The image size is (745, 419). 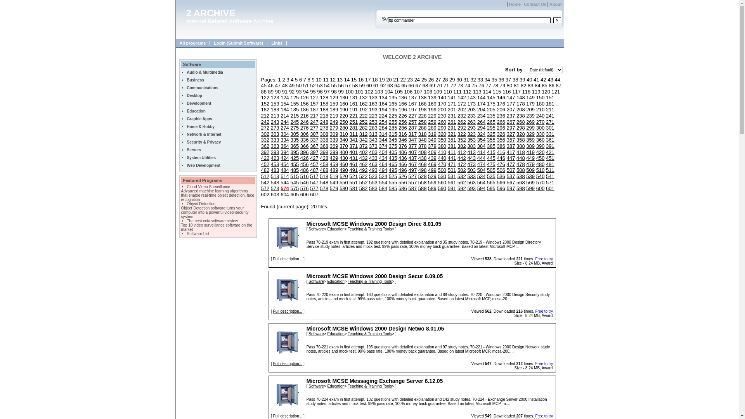 What do you see at coordinates (263, 91) in the screenshot?
I see `'88'` at bounding box center [263, 91].